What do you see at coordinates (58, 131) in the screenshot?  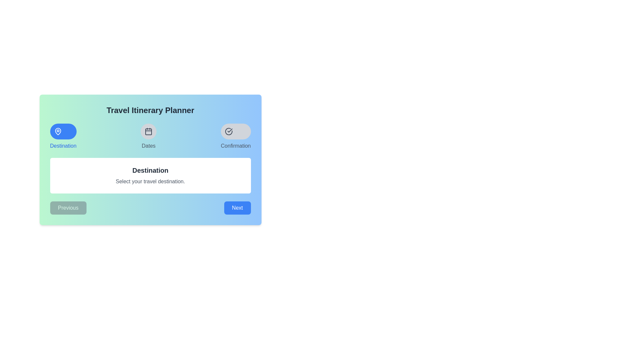 I see `the 'Destination' tab icon in the navigation component by moving the cursor to its center point` at bounding box center [58, 131].